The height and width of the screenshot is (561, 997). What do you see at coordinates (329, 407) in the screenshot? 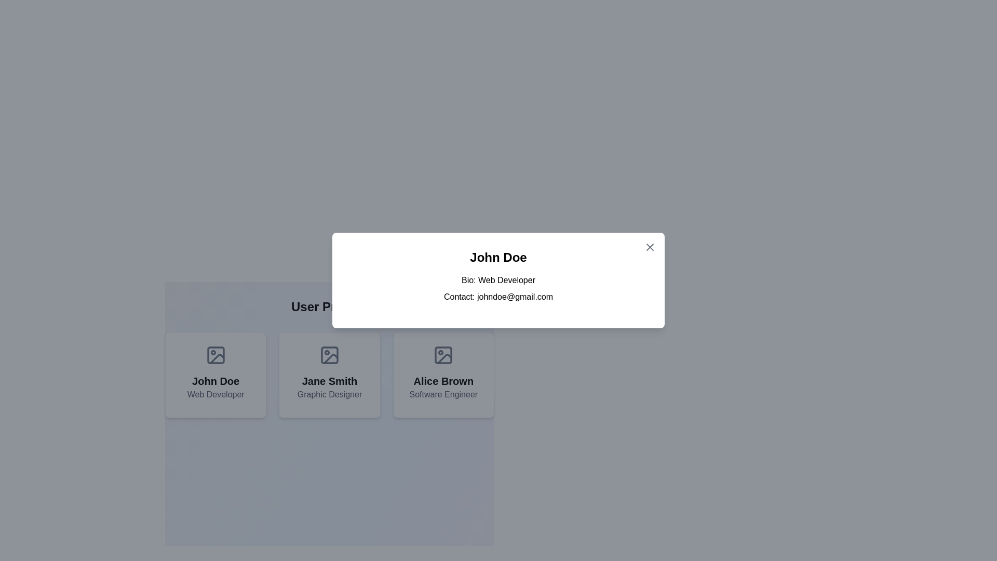
I see `the profile card for 'Jane Smith' which features her name in bold at the top and the job title 'Graphic Designer' below it` at bounding box center [329, 407].